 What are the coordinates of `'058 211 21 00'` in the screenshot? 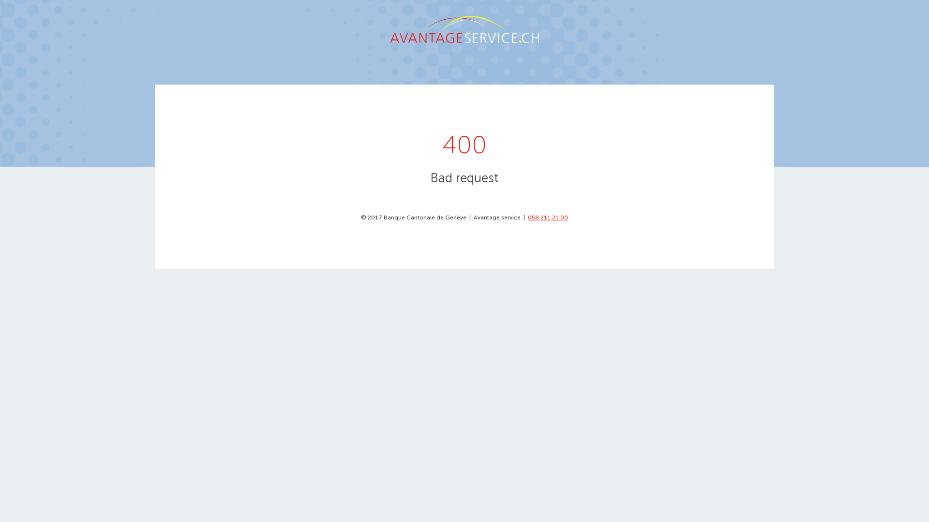 It's located at (527, 217).